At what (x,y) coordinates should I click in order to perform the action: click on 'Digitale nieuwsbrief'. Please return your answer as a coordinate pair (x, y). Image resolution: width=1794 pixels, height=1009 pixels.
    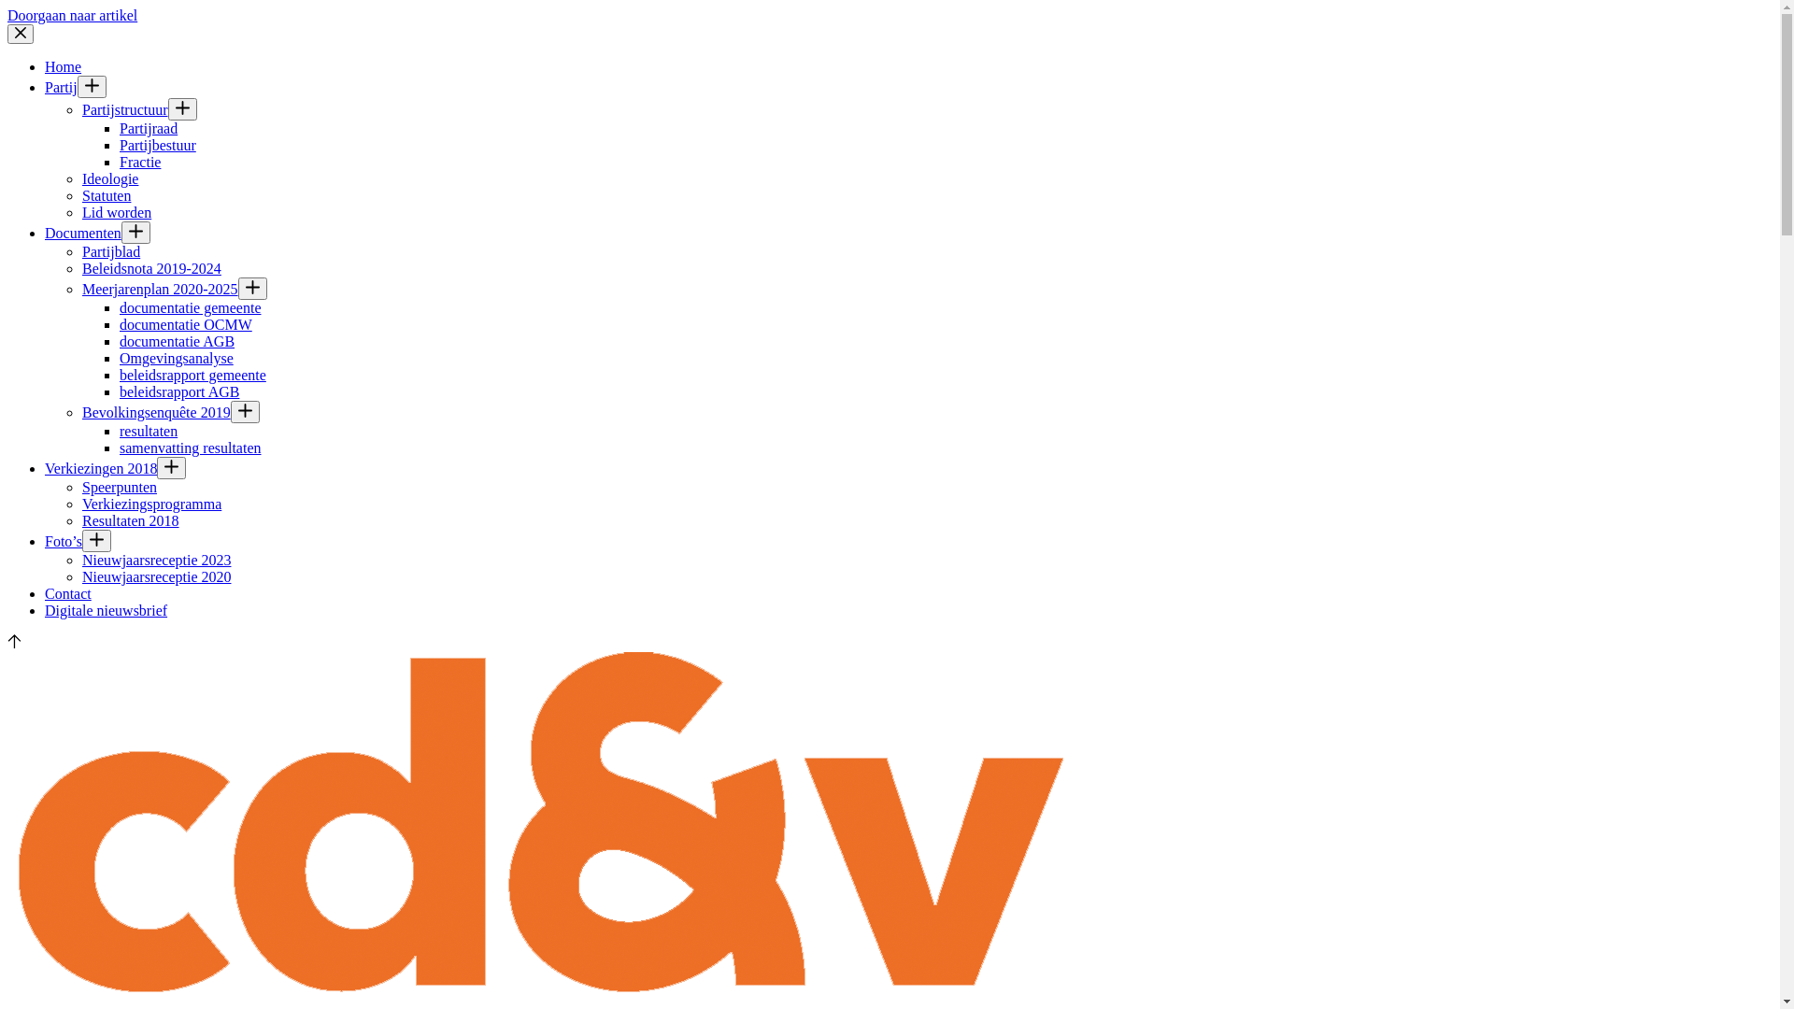
    Looking at the image, I should click on (105, 610).